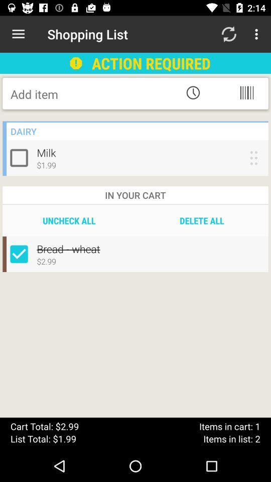 The width and height of the screenshot is (271, 482). Describe the element at coordinates (202, 220) in the screenshot. I see `the delete all icon` at that location.